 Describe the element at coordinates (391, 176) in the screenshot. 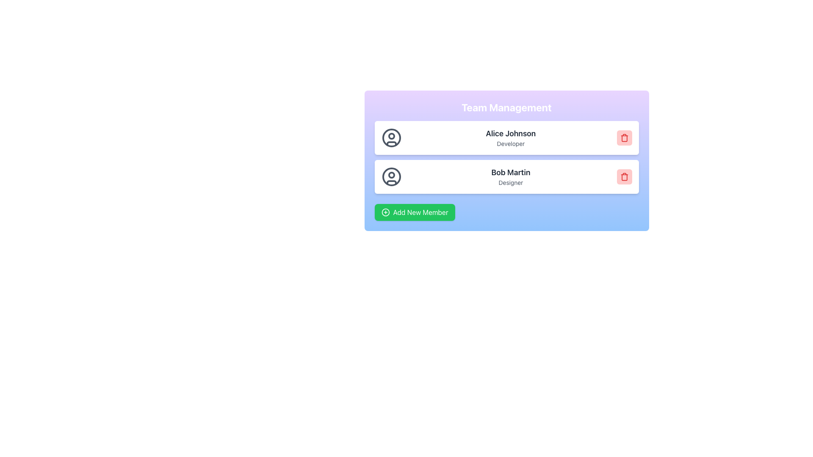

I see `the decorative graphical element representing the user's profile image, which is a circular icon with a stroke-style design, located on the left side of the second row in the team management card, aligned with 'Bob Martin' and 'Designer'` at that location.